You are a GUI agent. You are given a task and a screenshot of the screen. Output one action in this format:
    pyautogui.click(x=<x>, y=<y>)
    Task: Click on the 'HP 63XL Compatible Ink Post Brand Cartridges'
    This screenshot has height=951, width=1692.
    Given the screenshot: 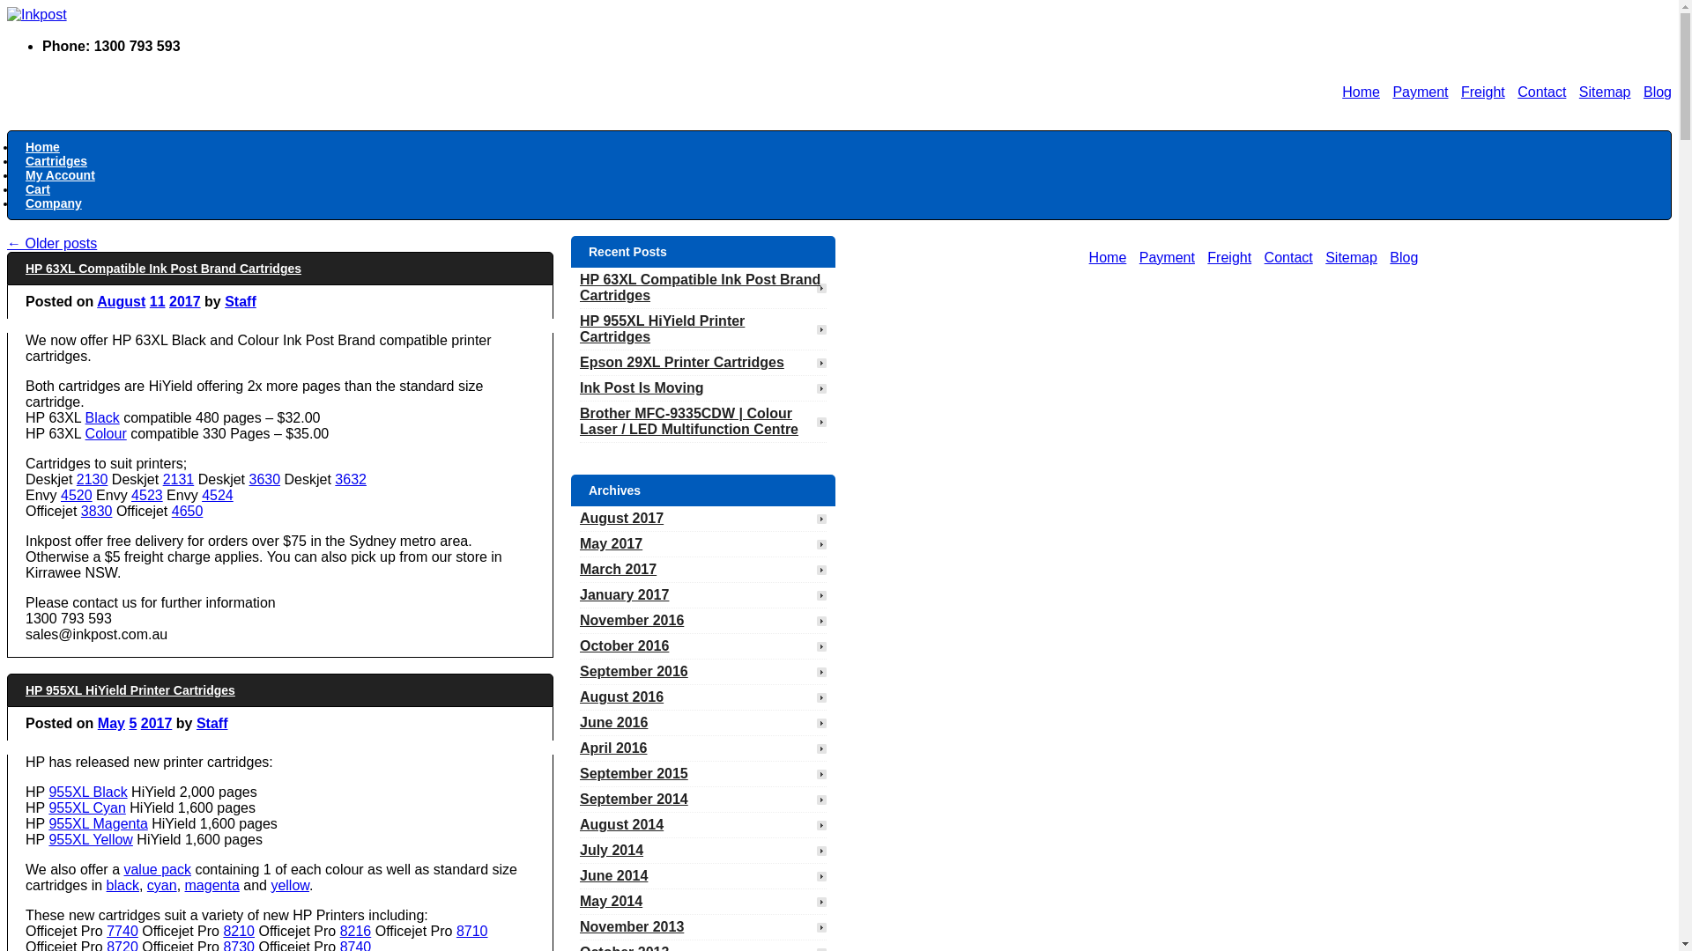 What is the action you would take?
    pyautogui.click(x=579, y=286)
    